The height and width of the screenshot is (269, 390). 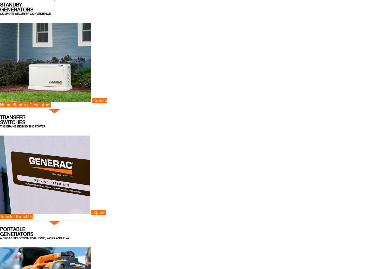 I want to click on 'TRANSFER', so click(x=13, y=117).